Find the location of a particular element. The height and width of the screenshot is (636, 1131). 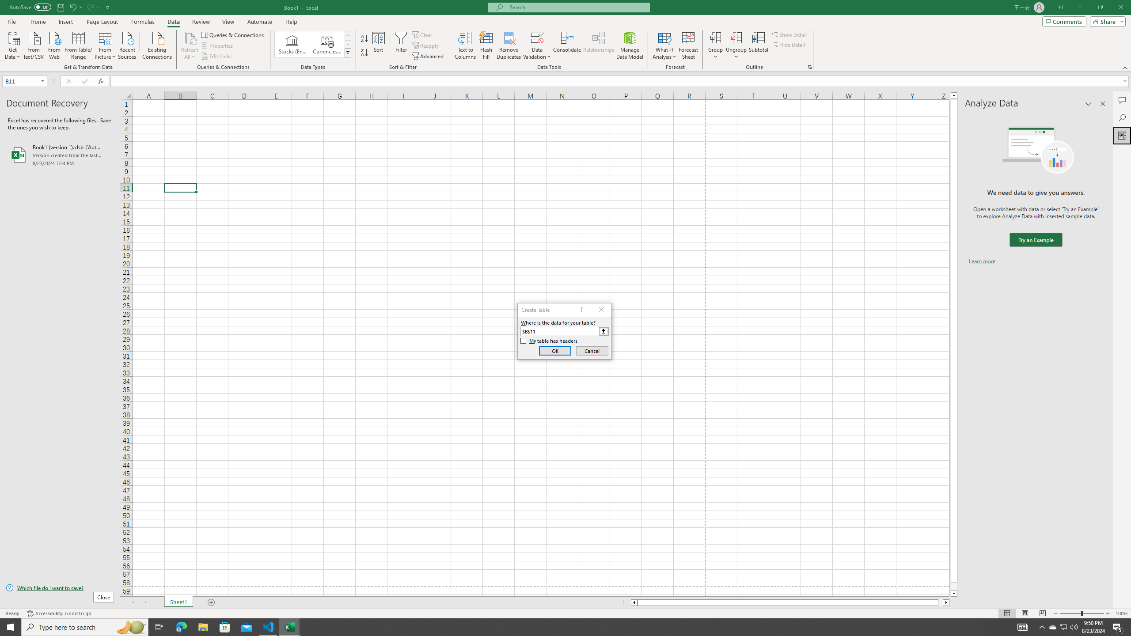

'Filter' is located at coordinates (400, 45).